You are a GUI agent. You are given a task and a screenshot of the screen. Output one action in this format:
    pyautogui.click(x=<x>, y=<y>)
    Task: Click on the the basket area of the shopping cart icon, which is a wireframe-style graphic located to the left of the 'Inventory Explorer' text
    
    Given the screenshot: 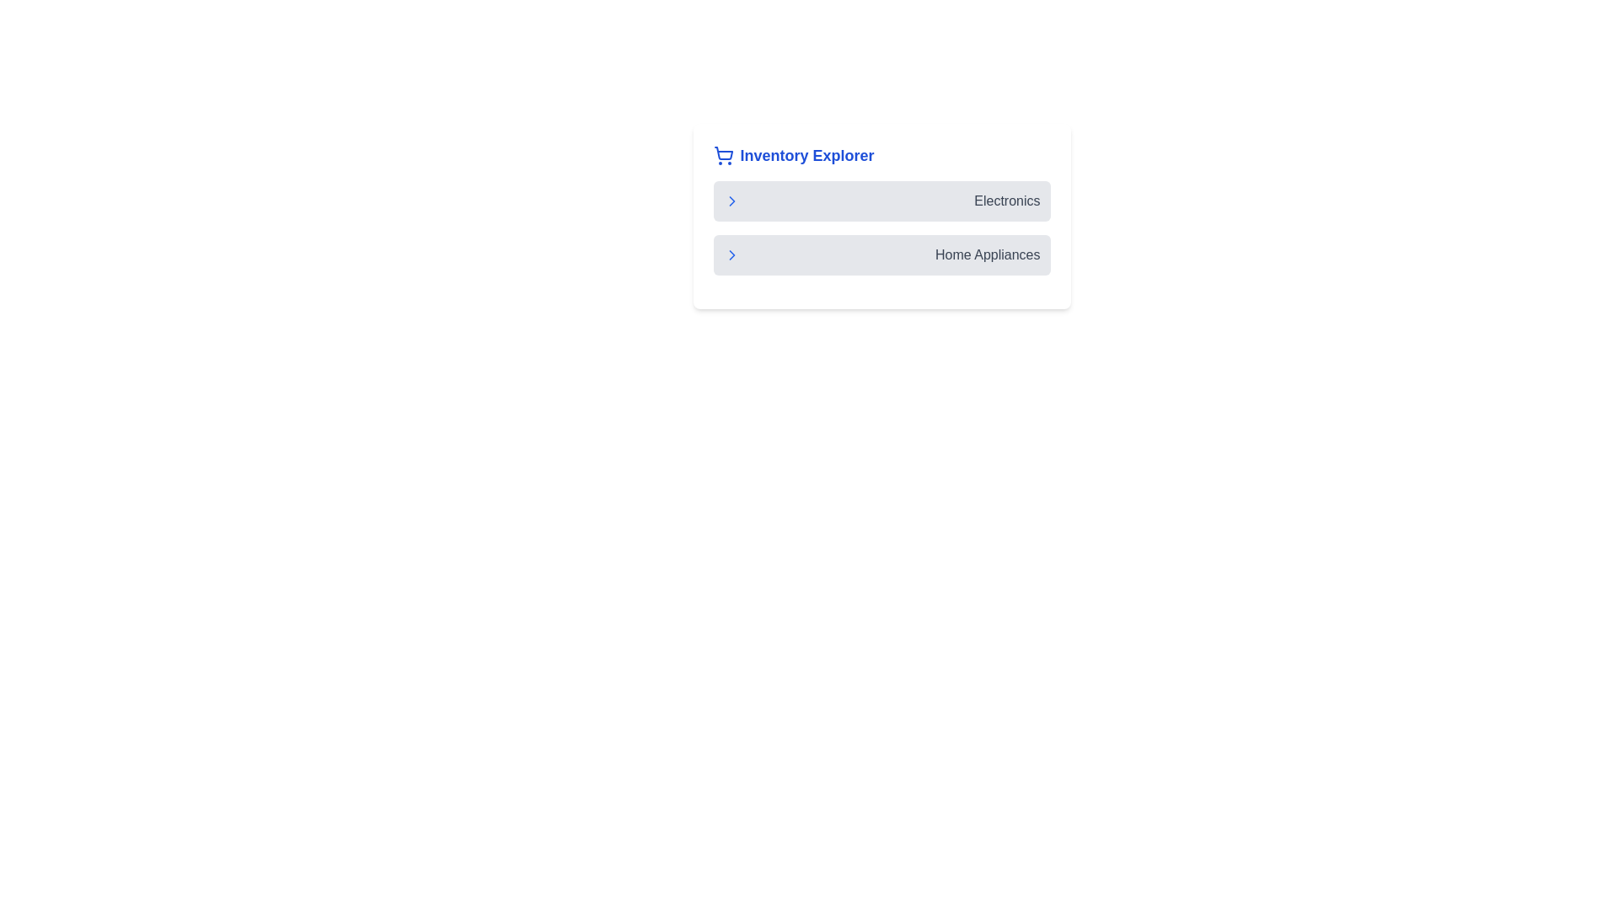 What is the action you would take?
    pyautogui.click(x=723, y=153)
    